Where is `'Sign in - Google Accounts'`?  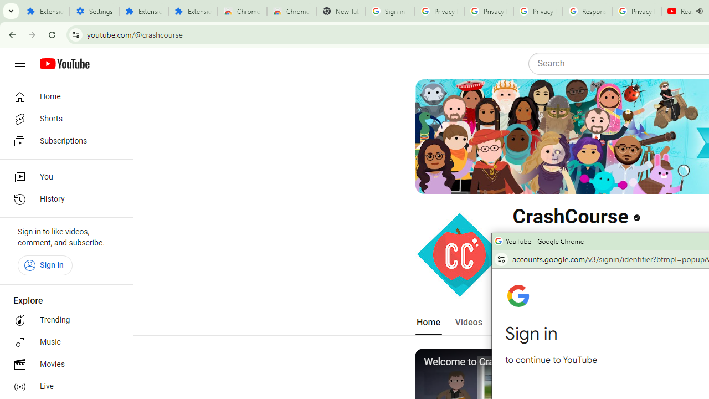 'Sign in - Google Accounts' is located at coordinates (390, 11).